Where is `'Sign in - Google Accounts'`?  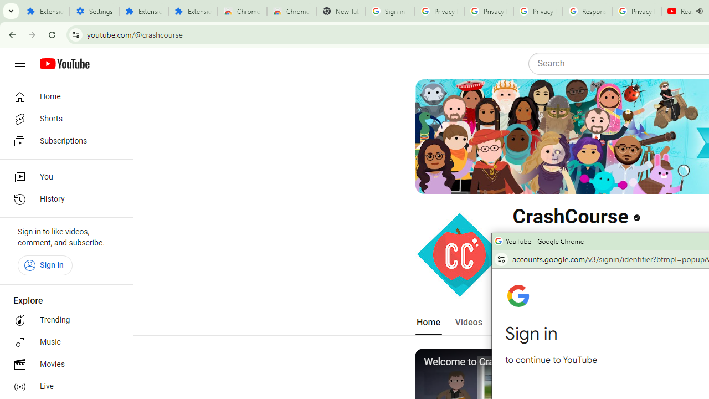 'Sign in - Google Accounts' is located at coordinates (390, 11).